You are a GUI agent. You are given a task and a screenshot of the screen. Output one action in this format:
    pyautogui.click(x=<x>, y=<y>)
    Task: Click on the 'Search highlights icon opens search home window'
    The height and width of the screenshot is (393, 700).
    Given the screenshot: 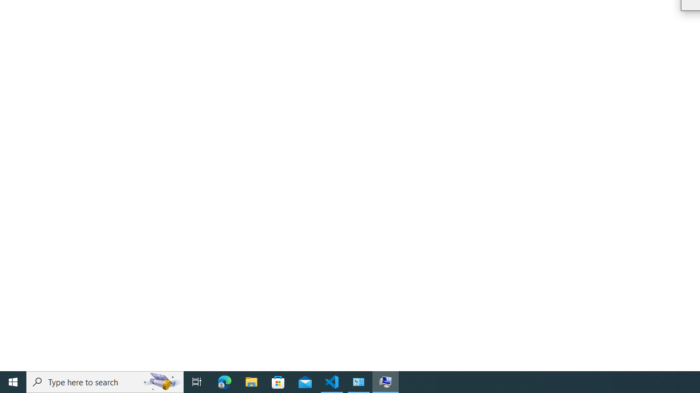 What is the action you would take?
    pyautogui.click(x=161, y=381)
    